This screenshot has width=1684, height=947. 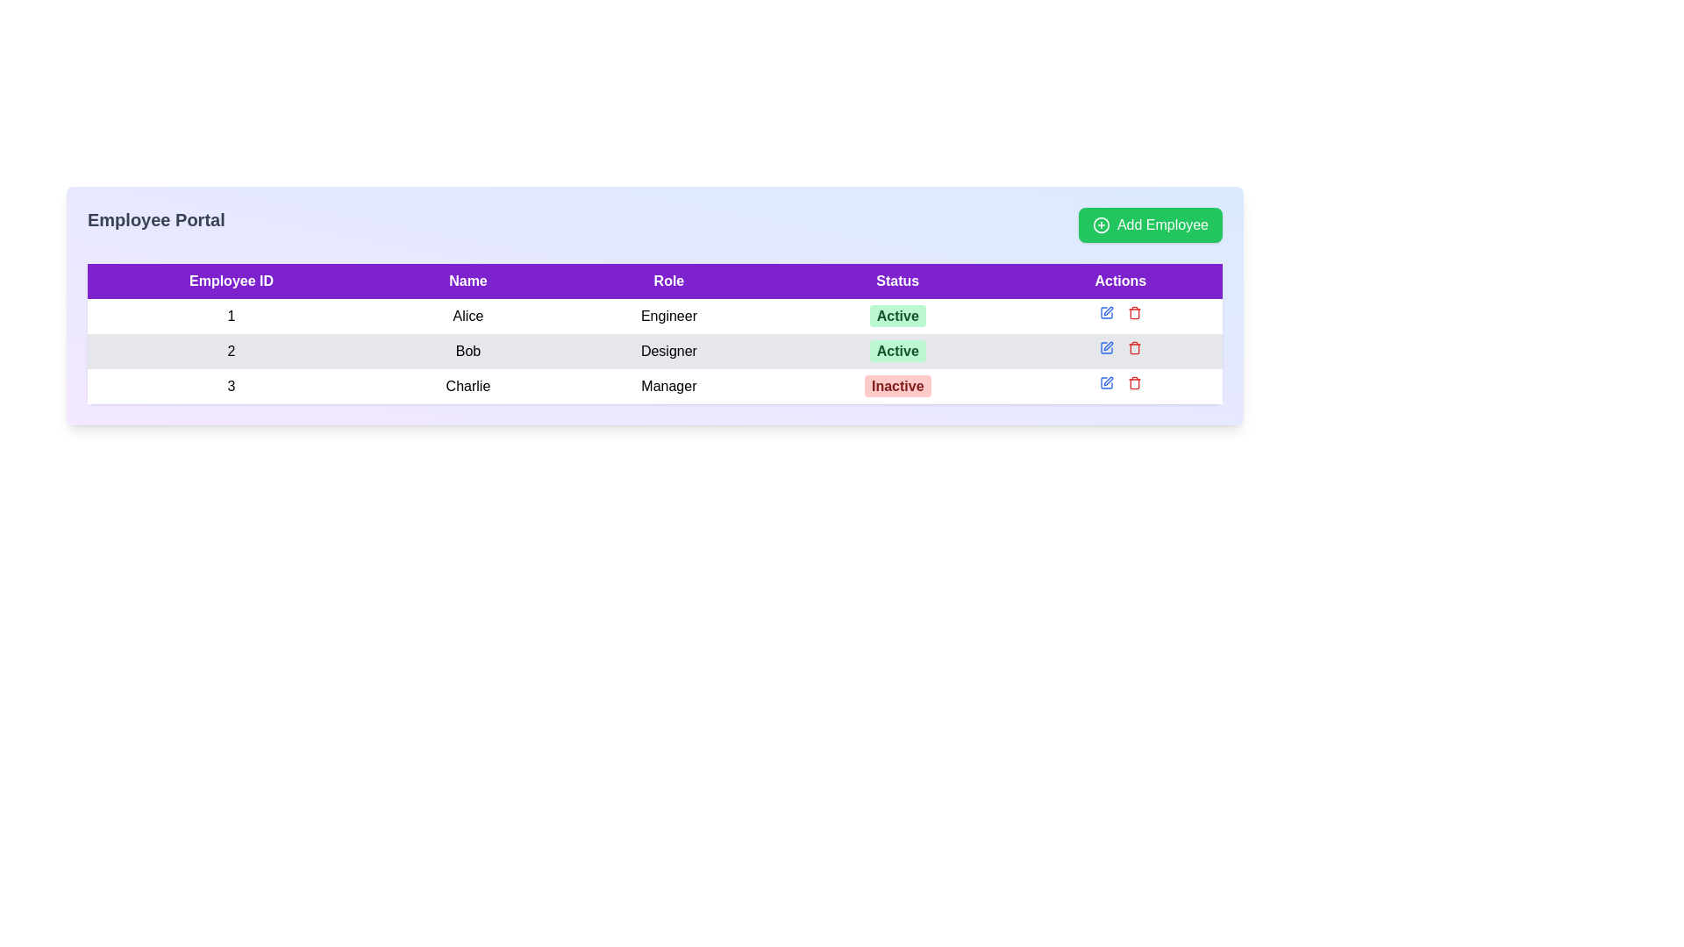 What do you see at coordinates (1134, 312) in the screenshot?
I see `the delete button located in the rightmost column under the 'Actions' header of the table row` at bounding box center [1134, 312].